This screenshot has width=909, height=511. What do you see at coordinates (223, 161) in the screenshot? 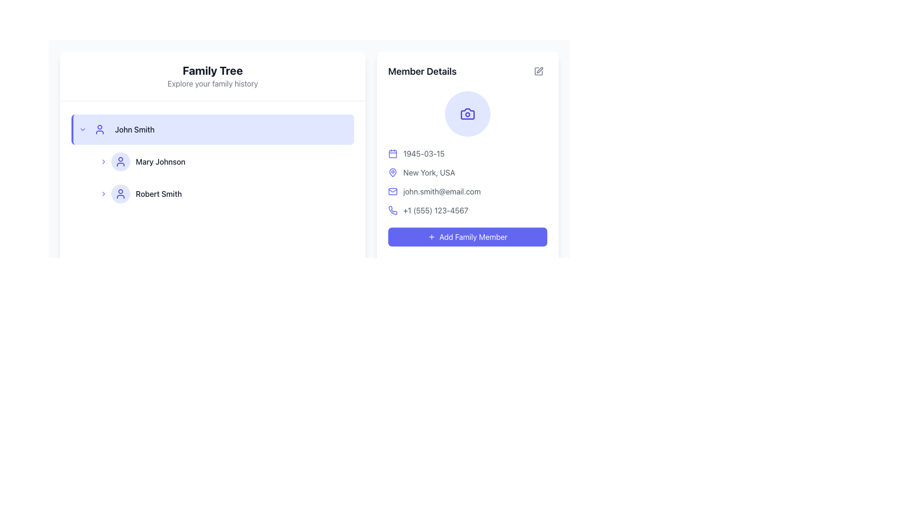
I see `the list item representing 'Mary Johnson' in the 'Family Tree' section` at bounding box center [223, 161].